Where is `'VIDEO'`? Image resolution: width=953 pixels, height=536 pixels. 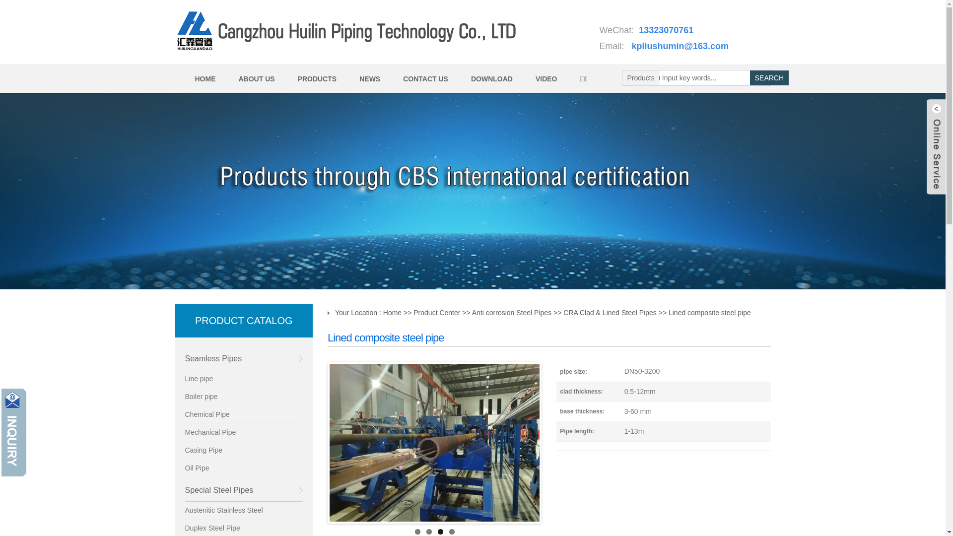 'VIDEO' is located at coordinates (545, 78).